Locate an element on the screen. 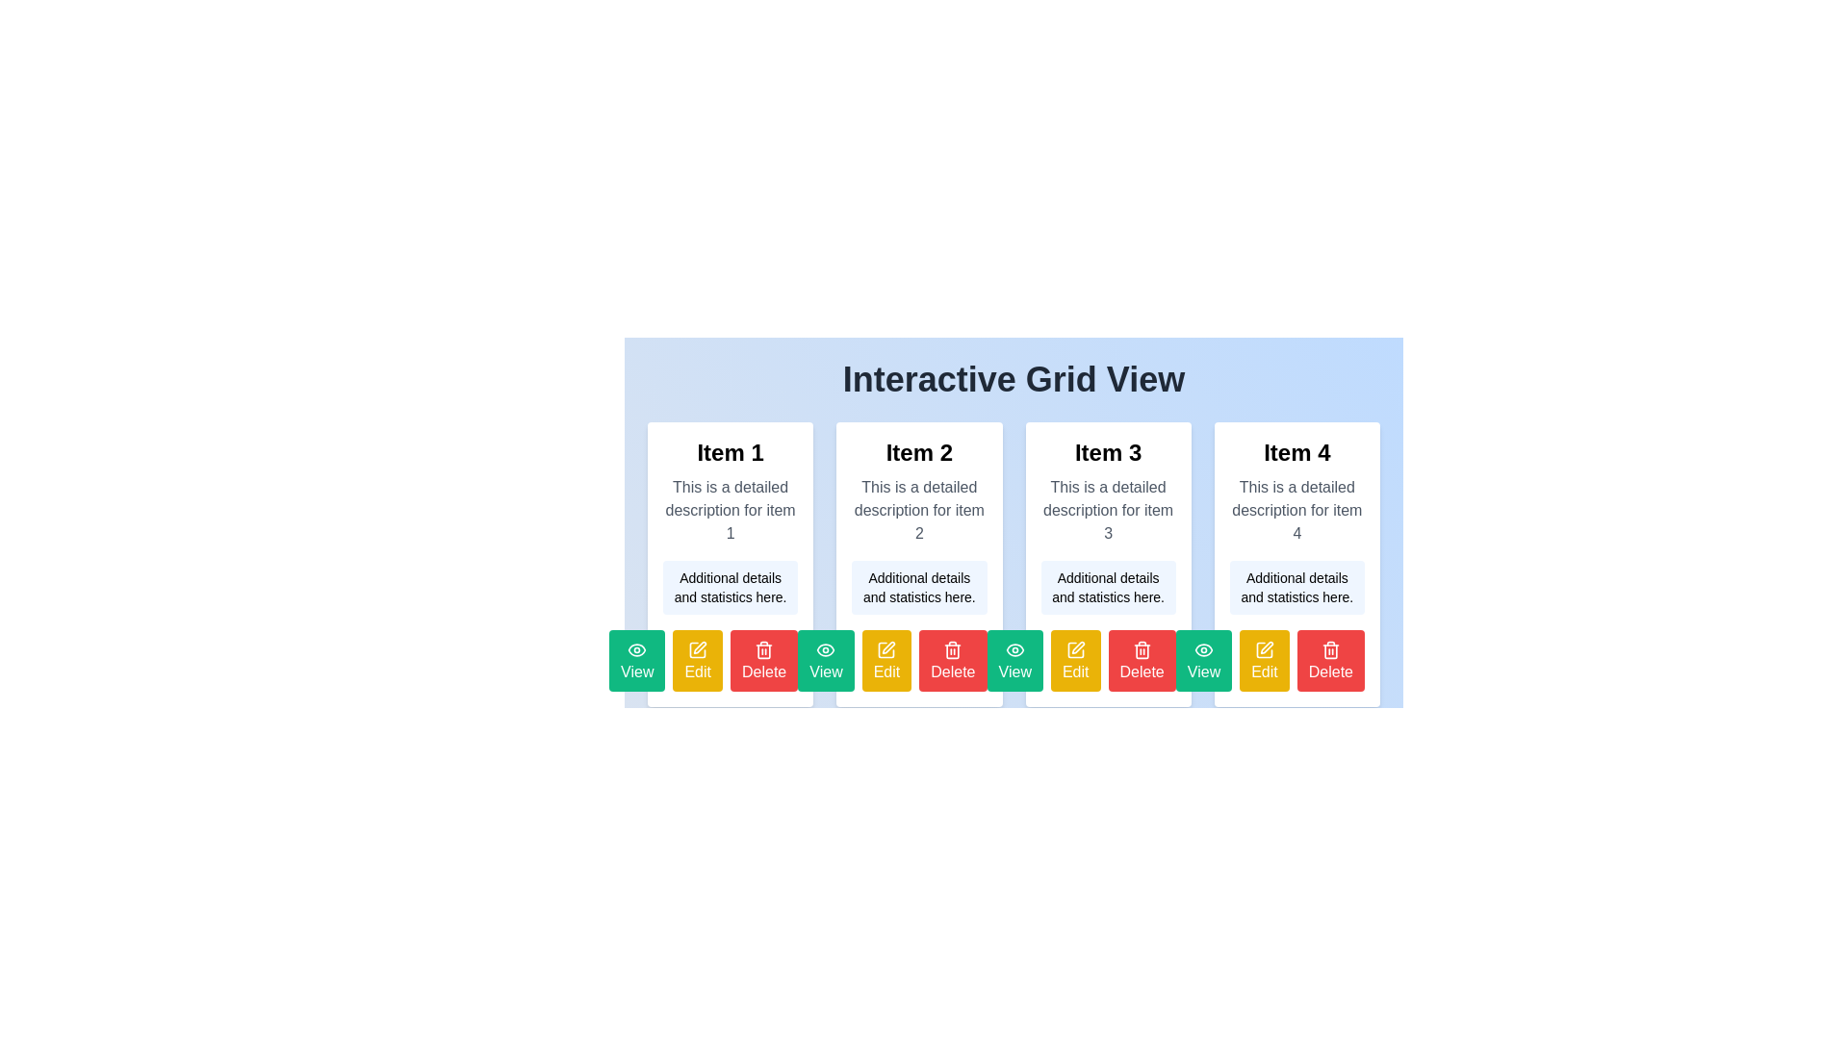  the red 'Delete' button with a trash can icon is located at coordinates (1329, 659).